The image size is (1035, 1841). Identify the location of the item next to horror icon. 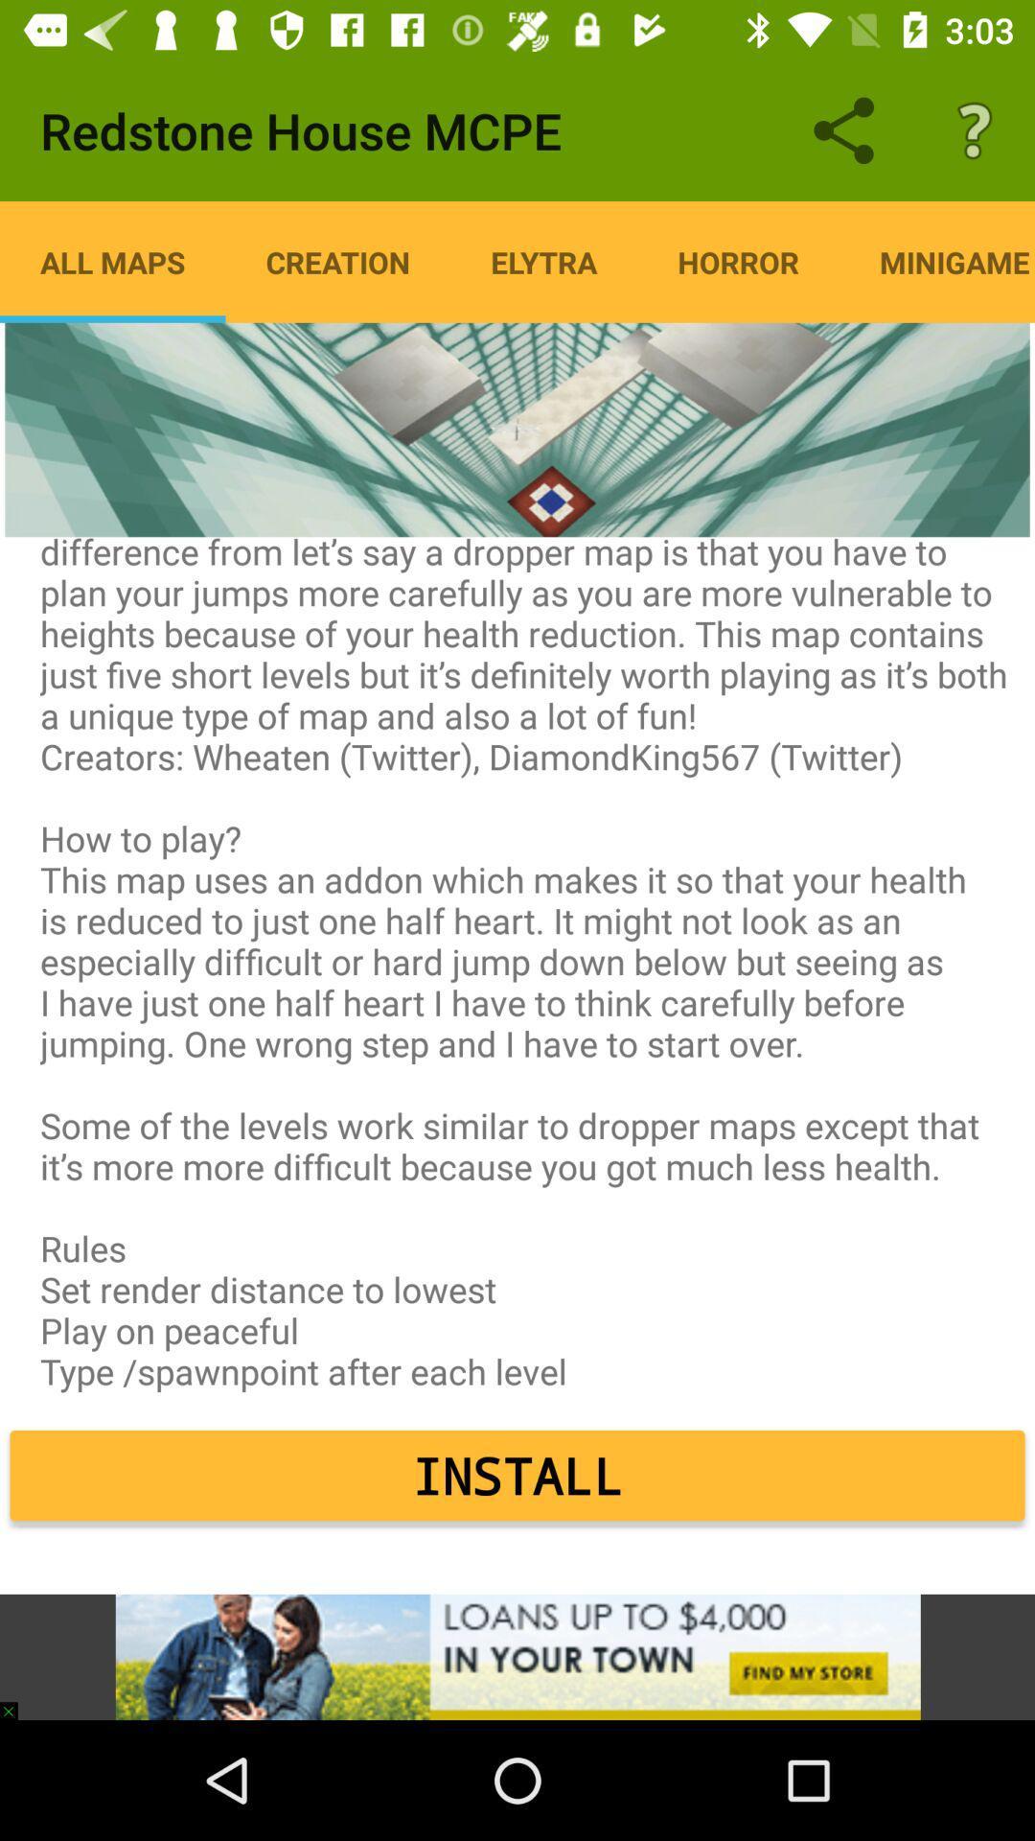
(543, 261).